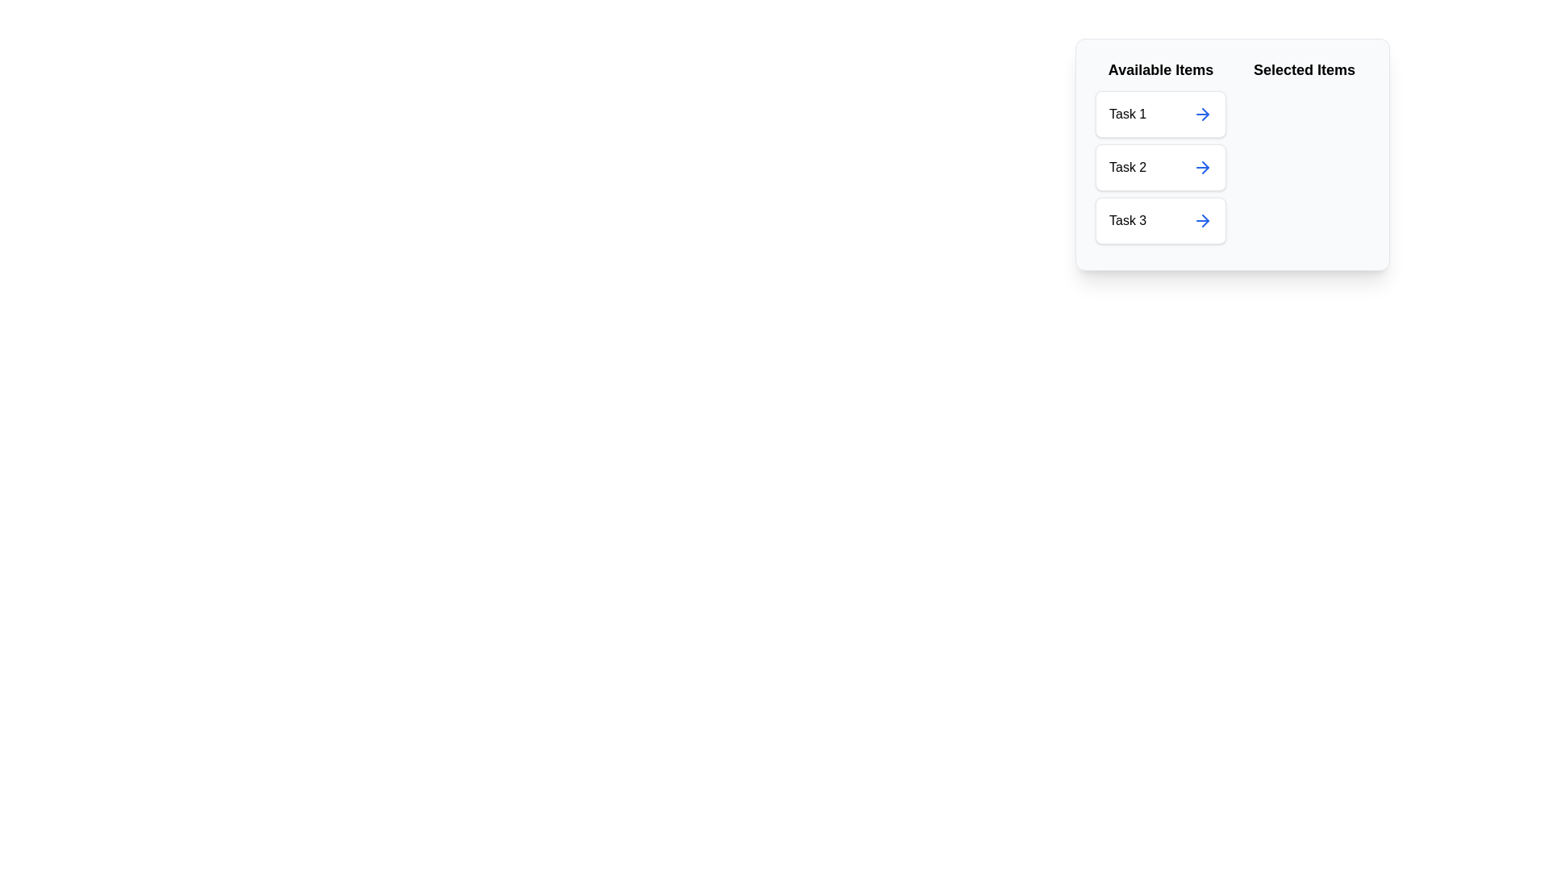  I want to click on the static text label displaying 'Task 2', which is the second item in the 'Available Items' list on the left column of the interface, so click(1127, 168).